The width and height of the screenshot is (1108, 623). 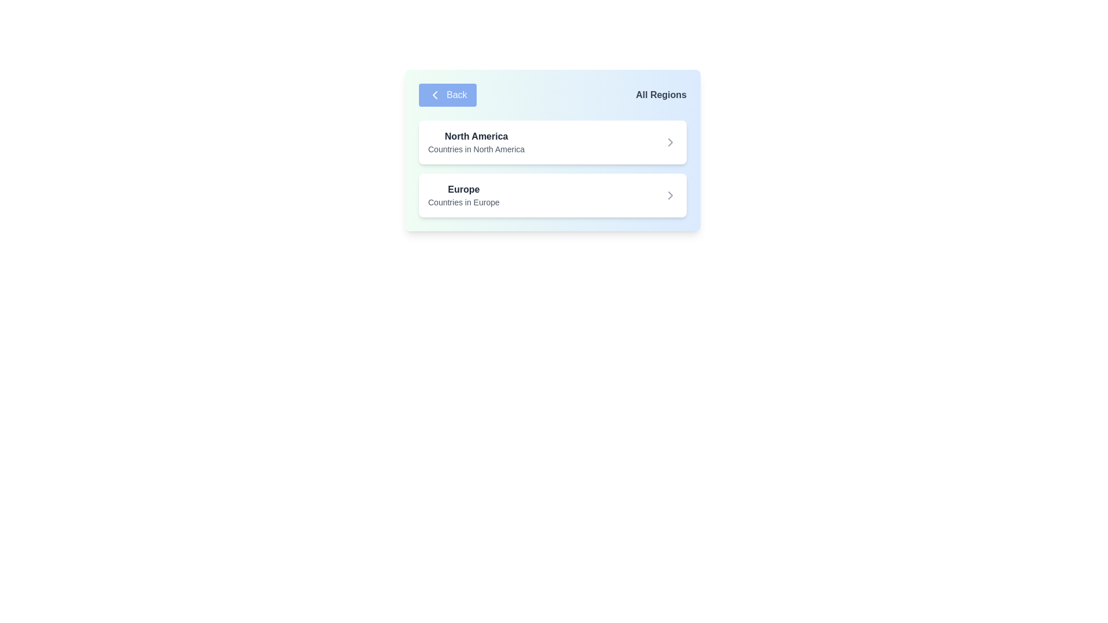 What do you see at coordinates (552, 195) in the screenshot?
I see `the second card in the list that represents the Europe region` at bounding box center [552, 195].